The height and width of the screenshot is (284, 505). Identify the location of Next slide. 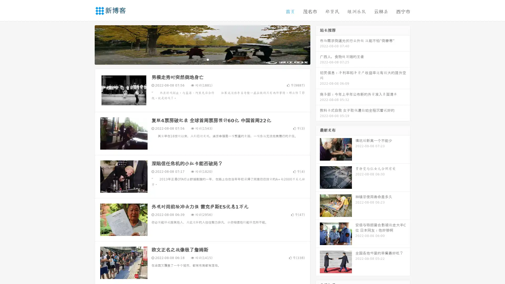
(318, 44).